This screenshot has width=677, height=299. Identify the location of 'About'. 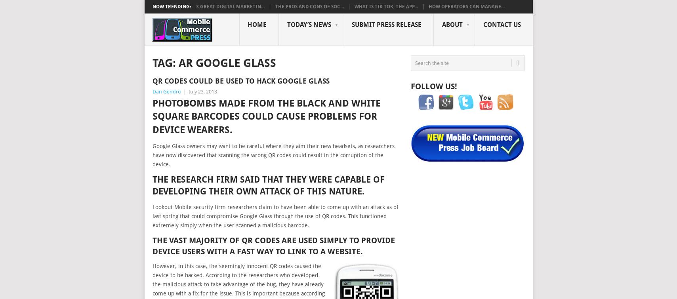
(441, 25).